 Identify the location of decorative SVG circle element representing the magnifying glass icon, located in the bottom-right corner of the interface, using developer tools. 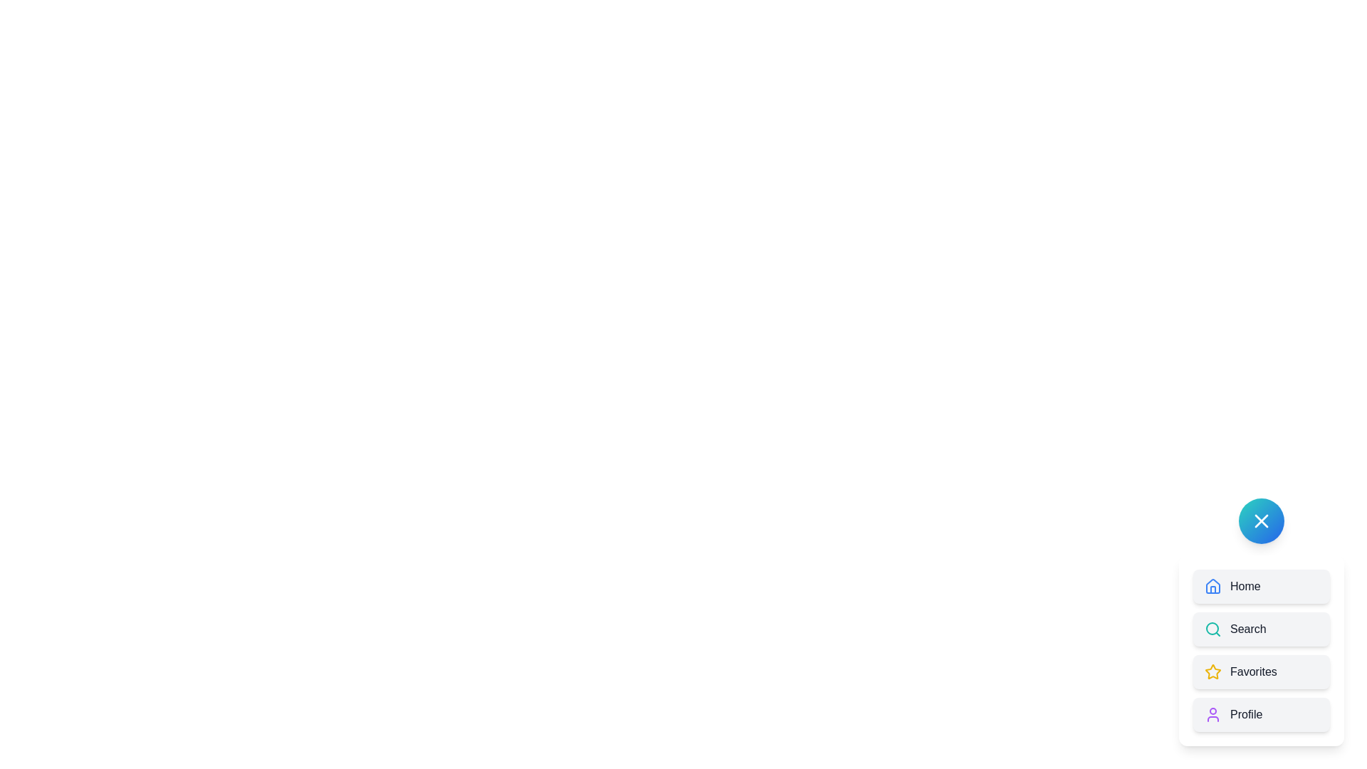
(1212, 628).